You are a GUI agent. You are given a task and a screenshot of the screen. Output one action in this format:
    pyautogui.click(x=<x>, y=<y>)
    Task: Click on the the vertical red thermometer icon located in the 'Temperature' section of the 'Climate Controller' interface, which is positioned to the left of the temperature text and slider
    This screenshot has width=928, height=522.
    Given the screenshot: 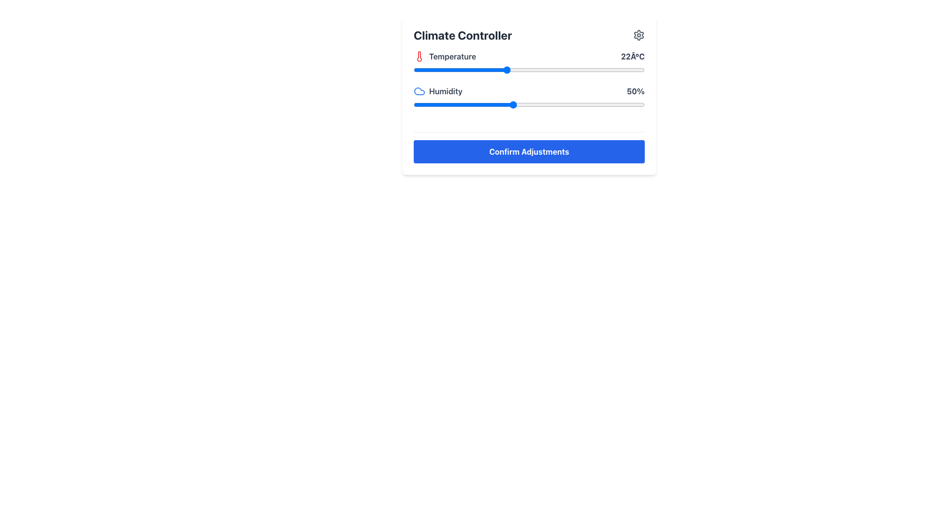 What is the action you would take?
    pyautogui.click(x=420, y=56)
    